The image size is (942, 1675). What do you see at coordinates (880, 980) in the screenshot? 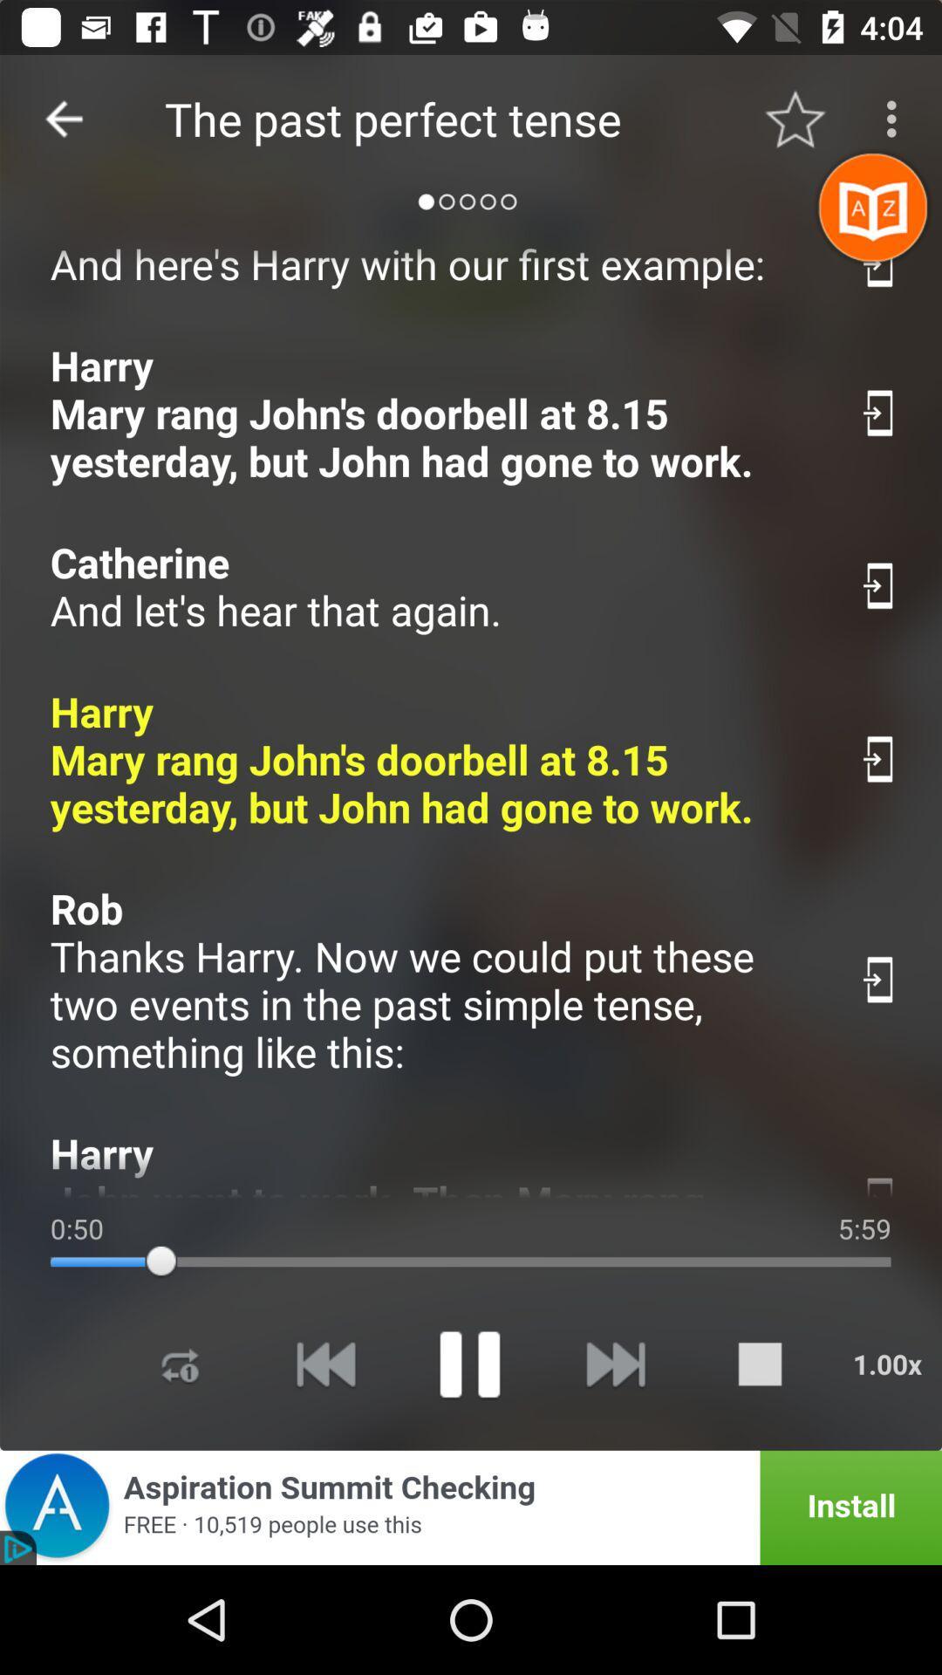
I see `download this phrase for offline use` at bounding box center [880, 980].